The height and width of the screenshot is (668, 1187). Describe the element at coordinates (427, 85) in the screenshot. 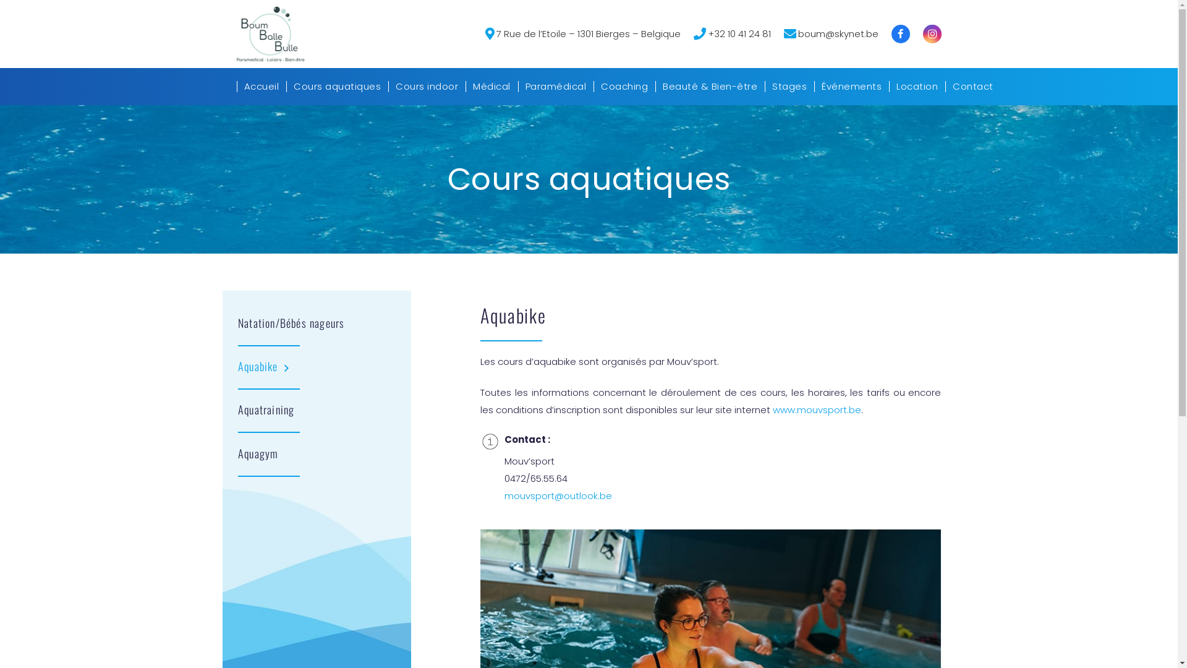

I see `'Cours indoor'` at that location.